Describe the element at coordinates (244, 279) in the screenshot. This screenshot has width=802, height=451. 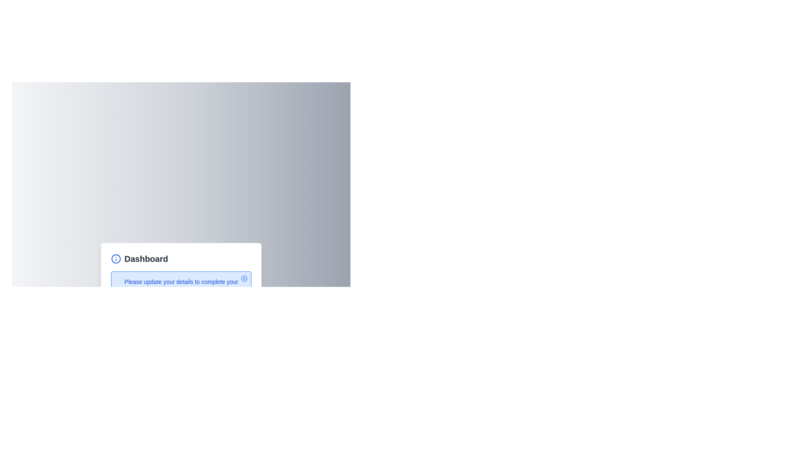
I see `the Close Button located at the top-right corner of the blue-bordered notification box with the text 'Please update your details to complete your profile setup.'` at that location.